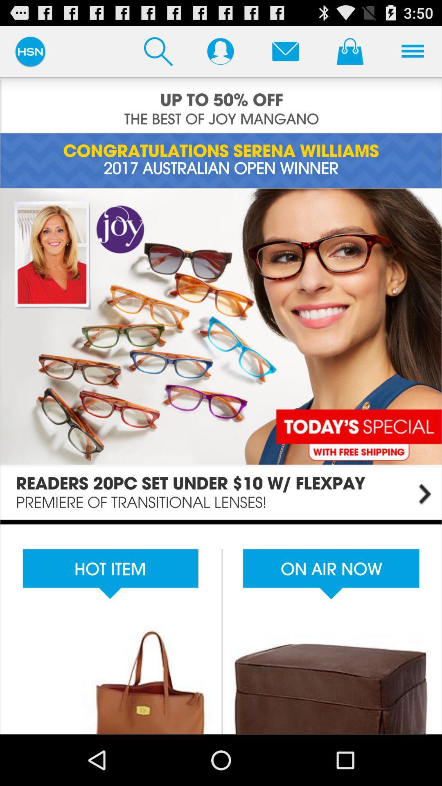 The height and width of the screenshot is (786, 442). I want to click on view the item, so click(221, 626).